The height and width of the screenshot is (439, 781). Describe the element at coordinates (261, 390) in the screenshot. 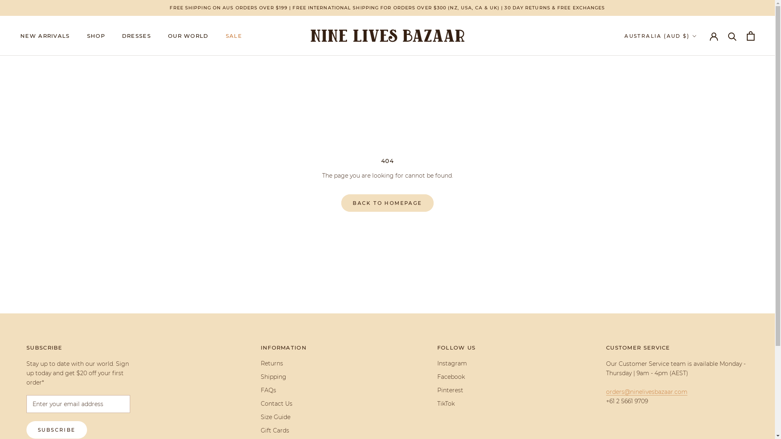

I see `'FAQs'` at that location.